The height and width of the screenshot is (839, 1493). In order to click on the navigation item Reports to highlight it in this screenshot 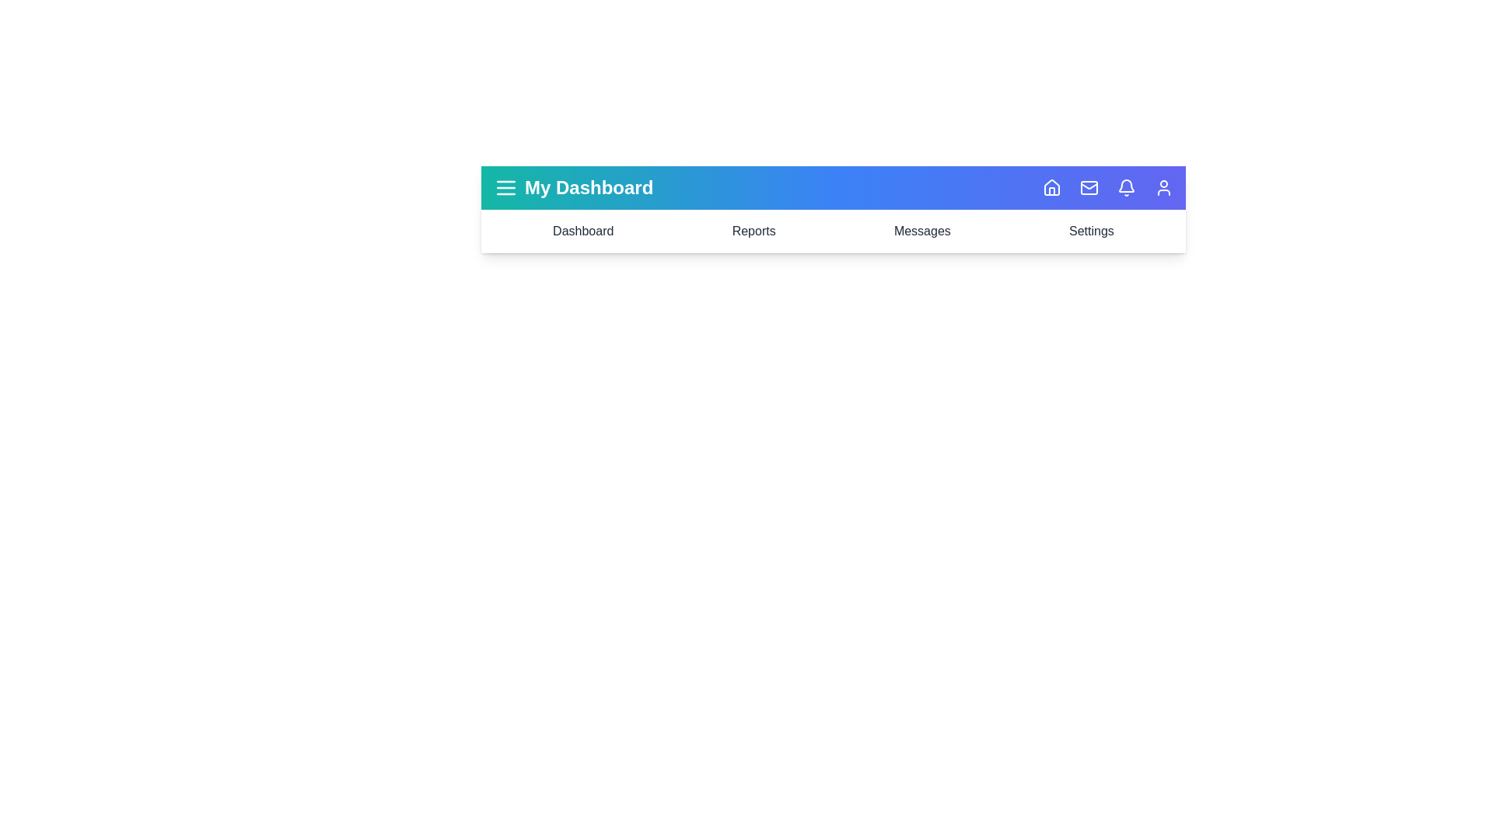, I will do `click(753, 231)`.